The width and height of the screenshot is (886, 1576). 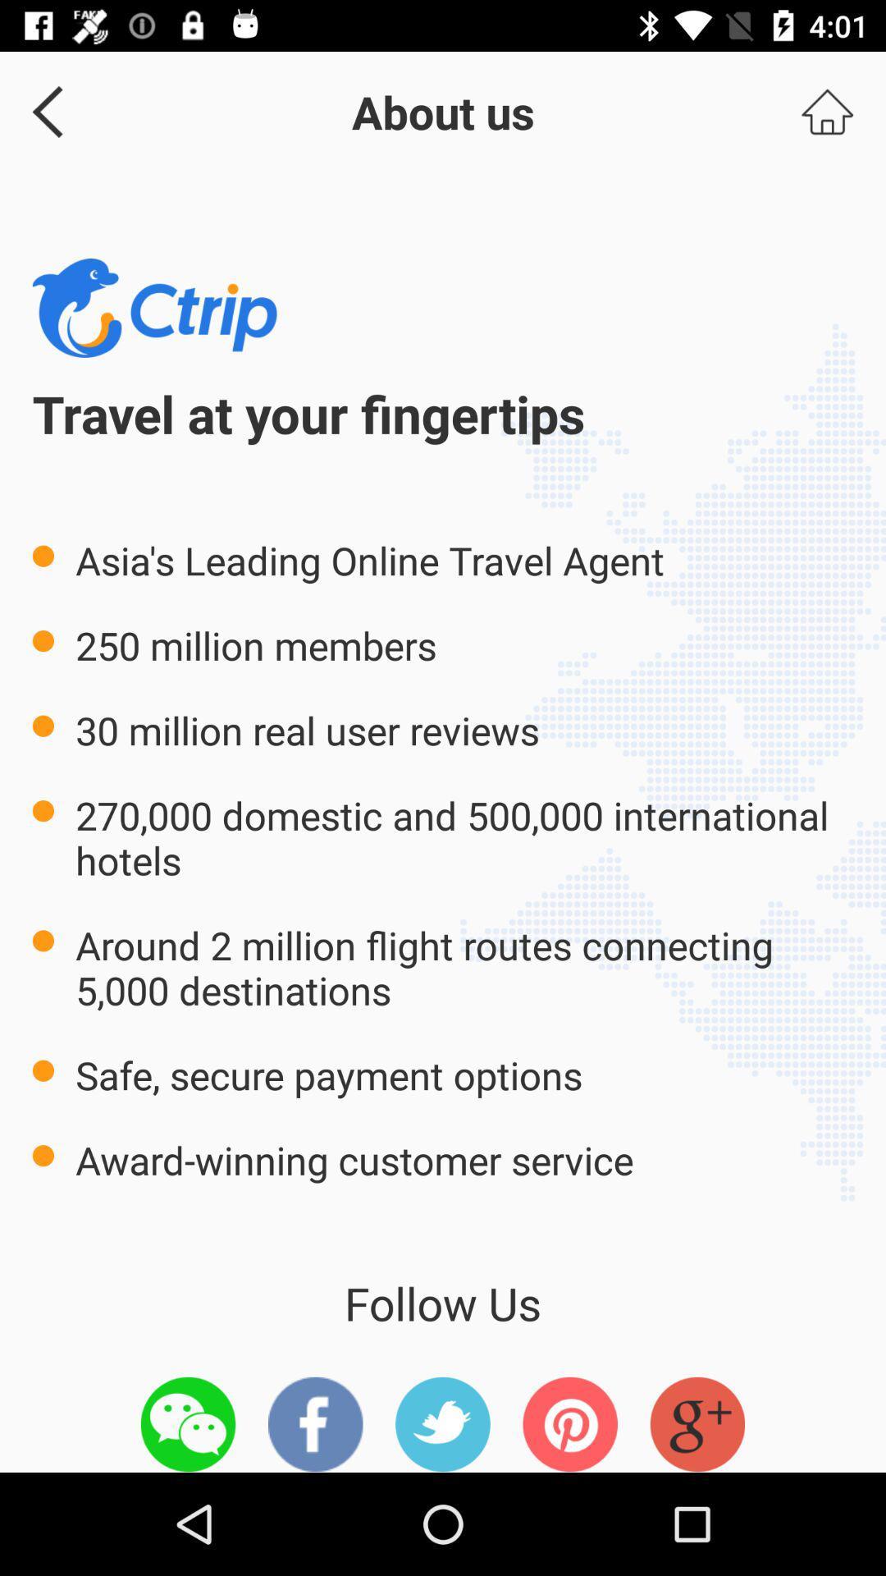 What do you see at coordinates (187, 1423) in the screenshot?
I see `this option we chat` at bounding box center [187, 1423].